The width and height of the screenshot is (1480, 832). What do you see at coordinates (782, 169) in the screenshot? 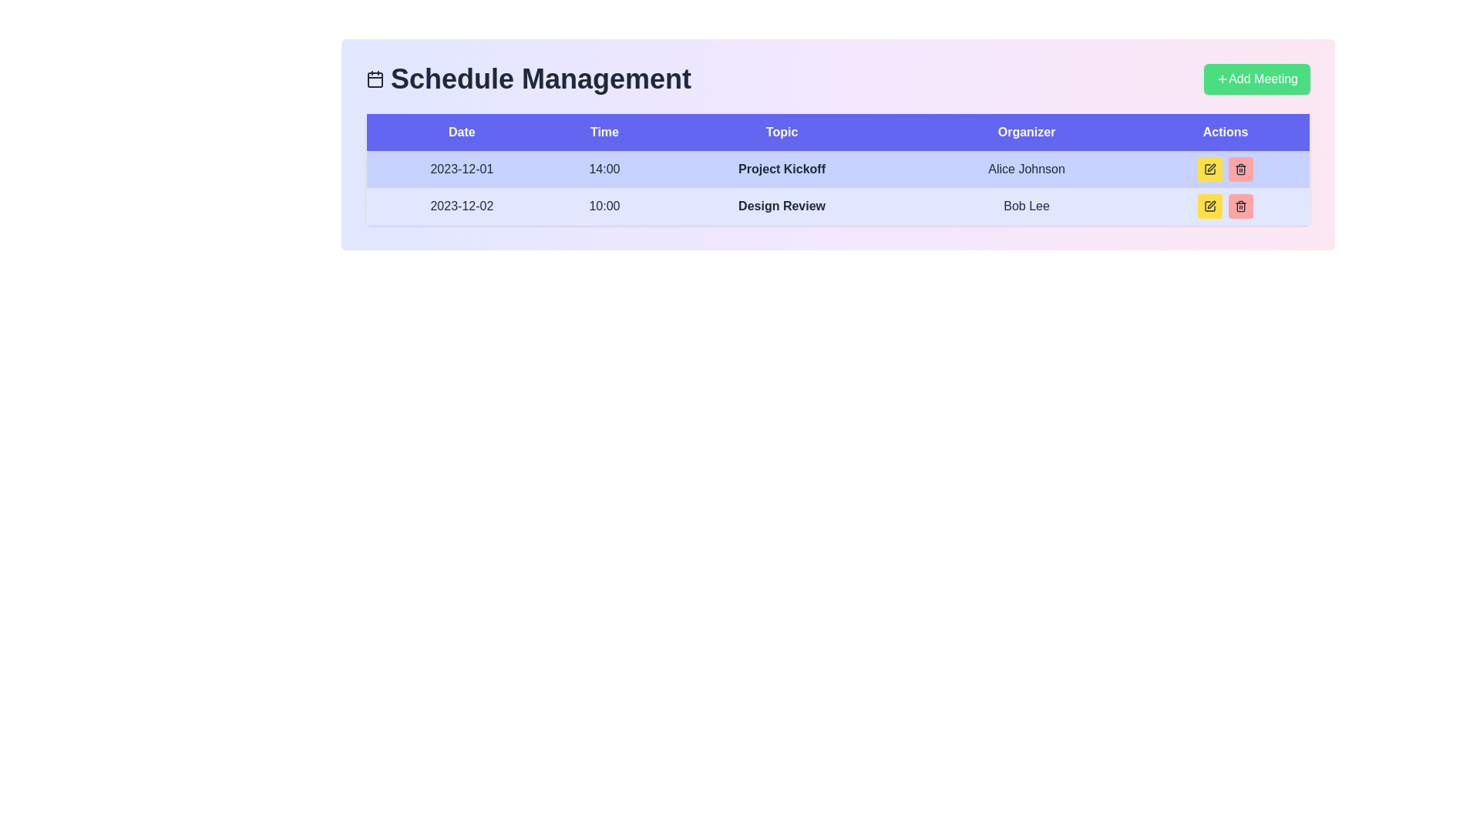
I see `the 'Project Kickoff' text label, which is displayed in bold styling and located in the third column titled 'Topic' of the schedule table` at bounding box center [782, 169].